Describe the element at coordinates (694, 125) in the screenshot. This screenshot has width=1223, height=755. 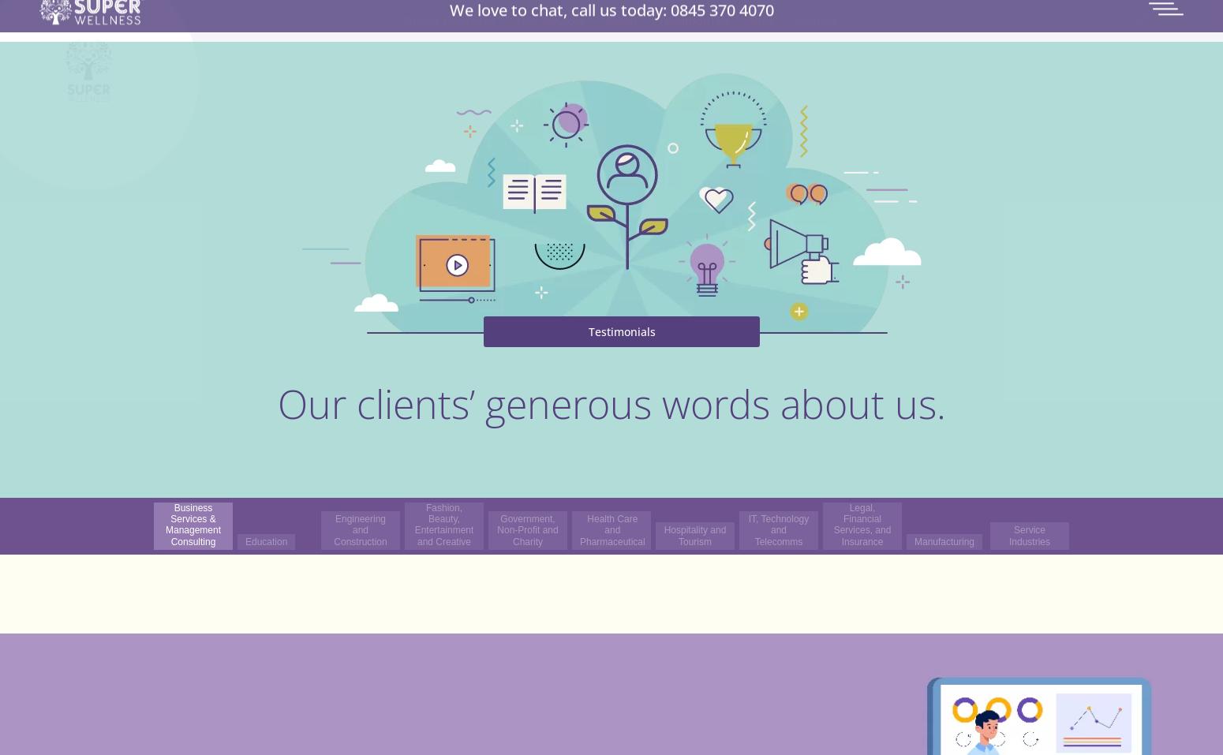
I see `'Media'` at that location.